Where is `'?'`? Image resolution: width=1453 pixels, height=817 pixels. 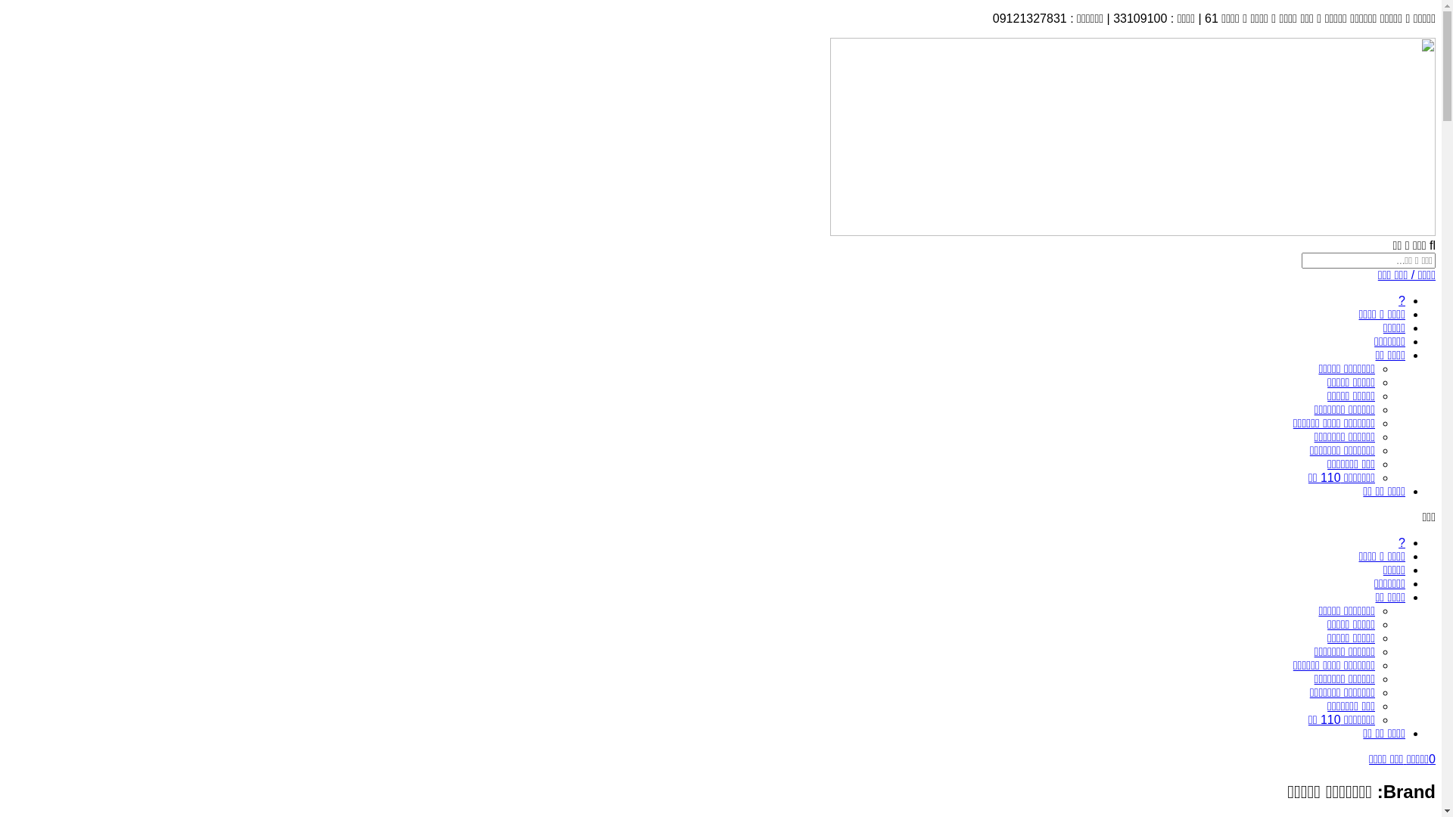
'?' is located at coordinates (1401, 300).